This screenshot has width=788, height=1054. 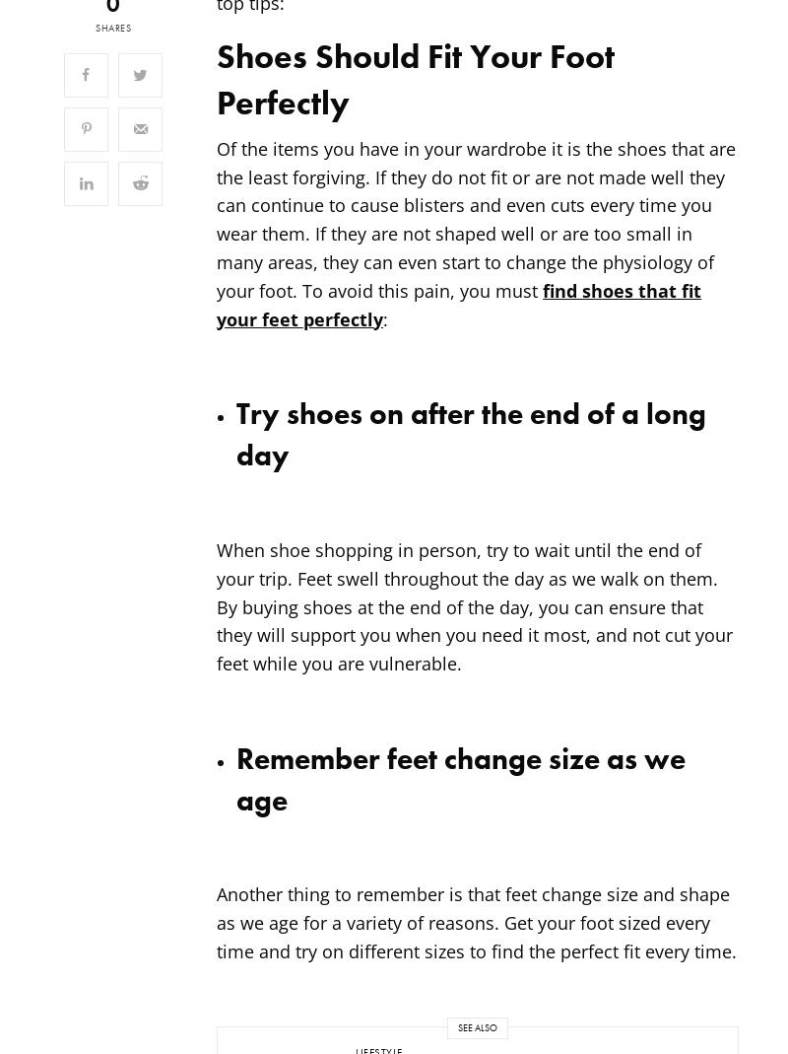 I want to click on 'Another thing to remember is that feet change size and shape as we age for a variety of reasons. Get your foot sized every time and try on different sizes to find the perfect fit every time.', so click(x=477, y=922).